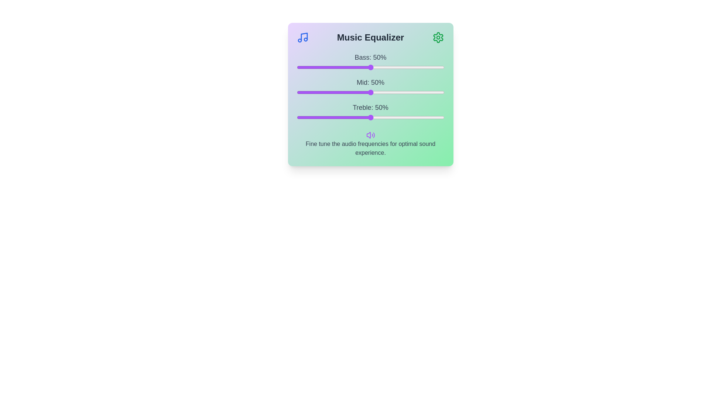 The image size is (709, 398). I want to click on the mid frequency slider to 10%, so click(311, 92).